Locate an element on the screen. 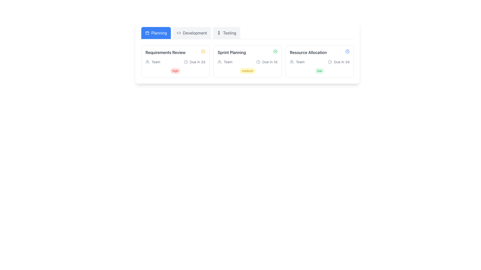  the rounded rectangular badge with a yellow background displaying the word 'medium', located in the 'Sprint Planning' column is located at coordinates (248, 71).